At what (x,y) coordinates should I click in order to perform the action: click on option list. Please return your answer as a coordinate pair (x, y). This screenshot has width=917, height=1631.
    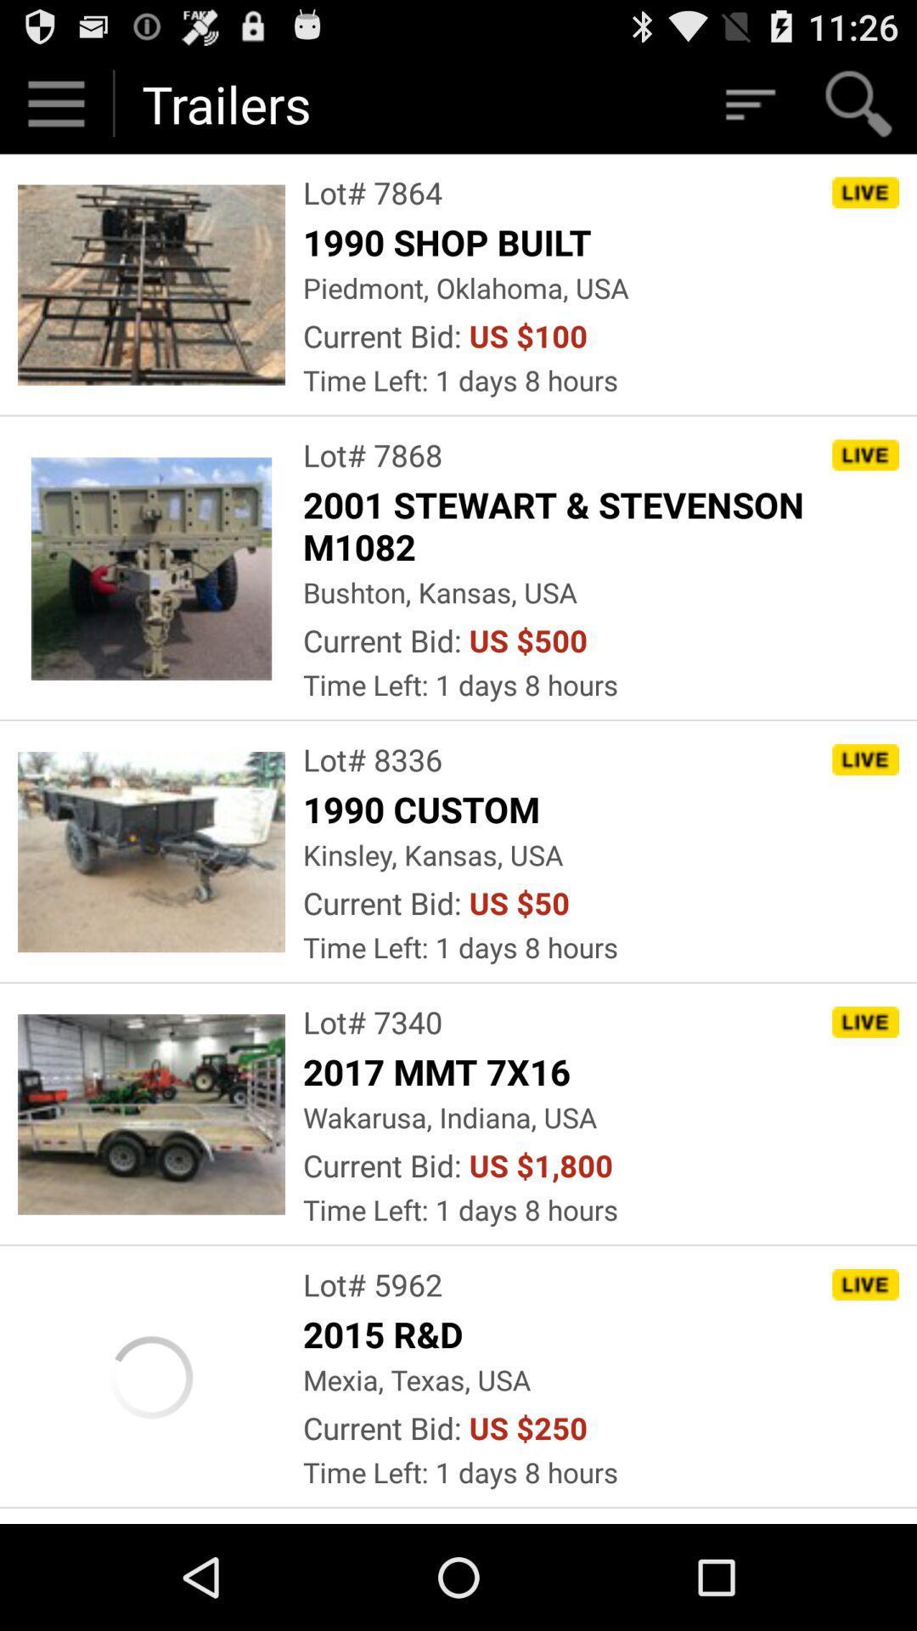
    Looking at the image, I should click on (748, 103).